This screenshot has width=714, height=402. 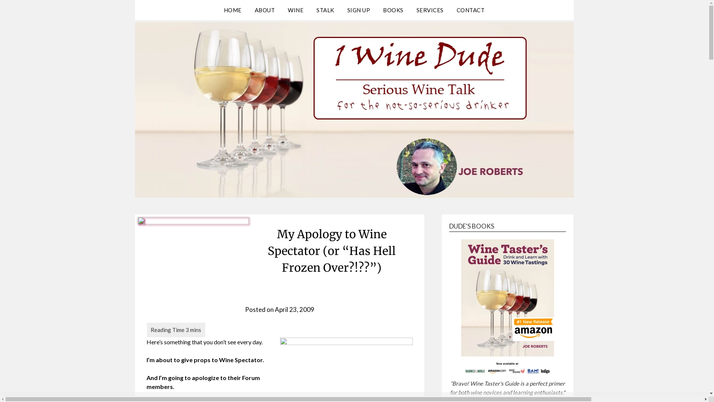 What do you see at coordinates (265, 10) in the screenshot?
I see `'ABOUT'` at bounding box center [265, 10].